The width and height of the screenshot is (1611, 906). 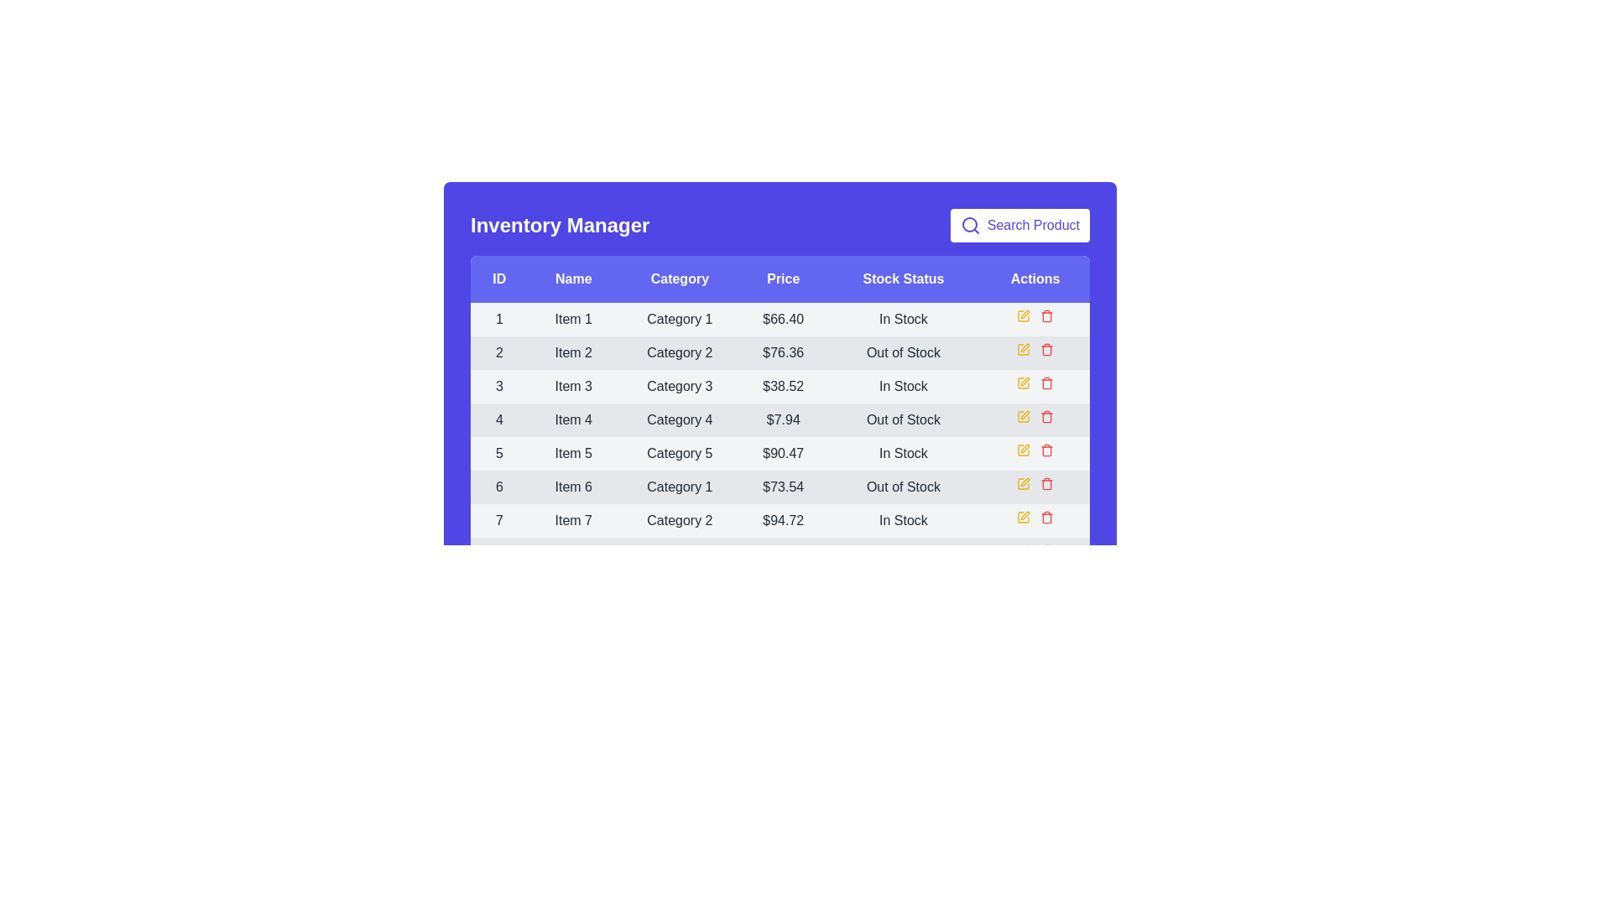 What do you see at coordinates (1034, 278) in the screenshot?
I see `the column header Actions to sort the table by that column` at bounding box center [1034, 278].